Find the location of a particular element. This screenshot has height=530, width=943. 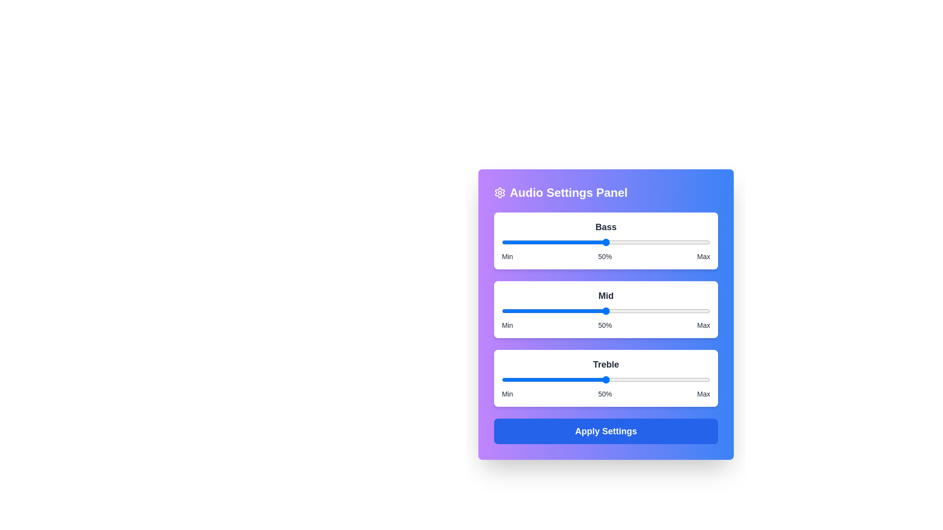

the bass level is located at coordinates (508, 242).